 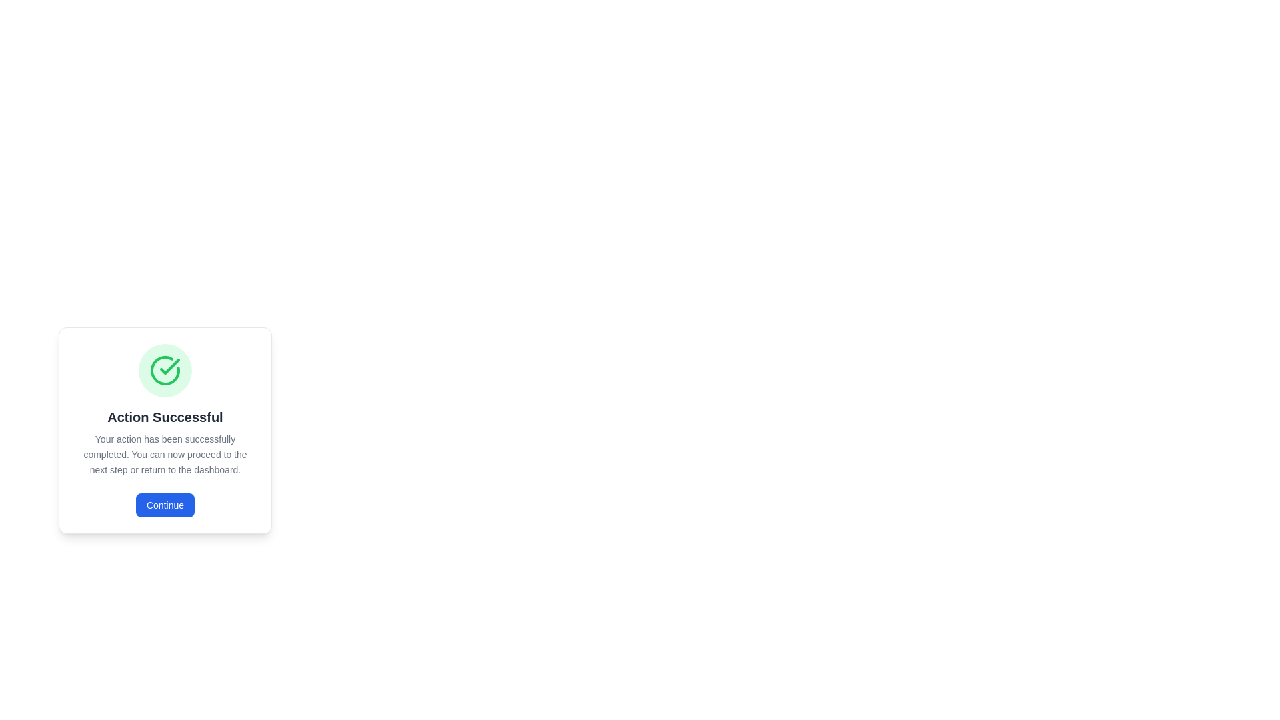 What do you see at coordinates (165, 370) in the screenshot?
I see `the Confirmation Checkmark icon, which is a green circle with a checkmark inside, located above the text 'Action Successful'` at bounding box center [165, 370].